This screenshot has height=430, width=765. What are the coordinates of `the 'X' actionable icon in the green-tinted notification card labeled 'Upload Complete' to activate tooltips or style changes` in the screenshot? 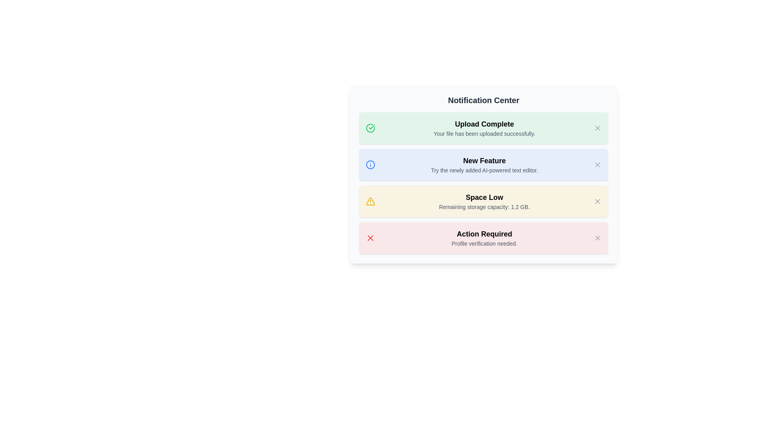 It's located at (597, 127).